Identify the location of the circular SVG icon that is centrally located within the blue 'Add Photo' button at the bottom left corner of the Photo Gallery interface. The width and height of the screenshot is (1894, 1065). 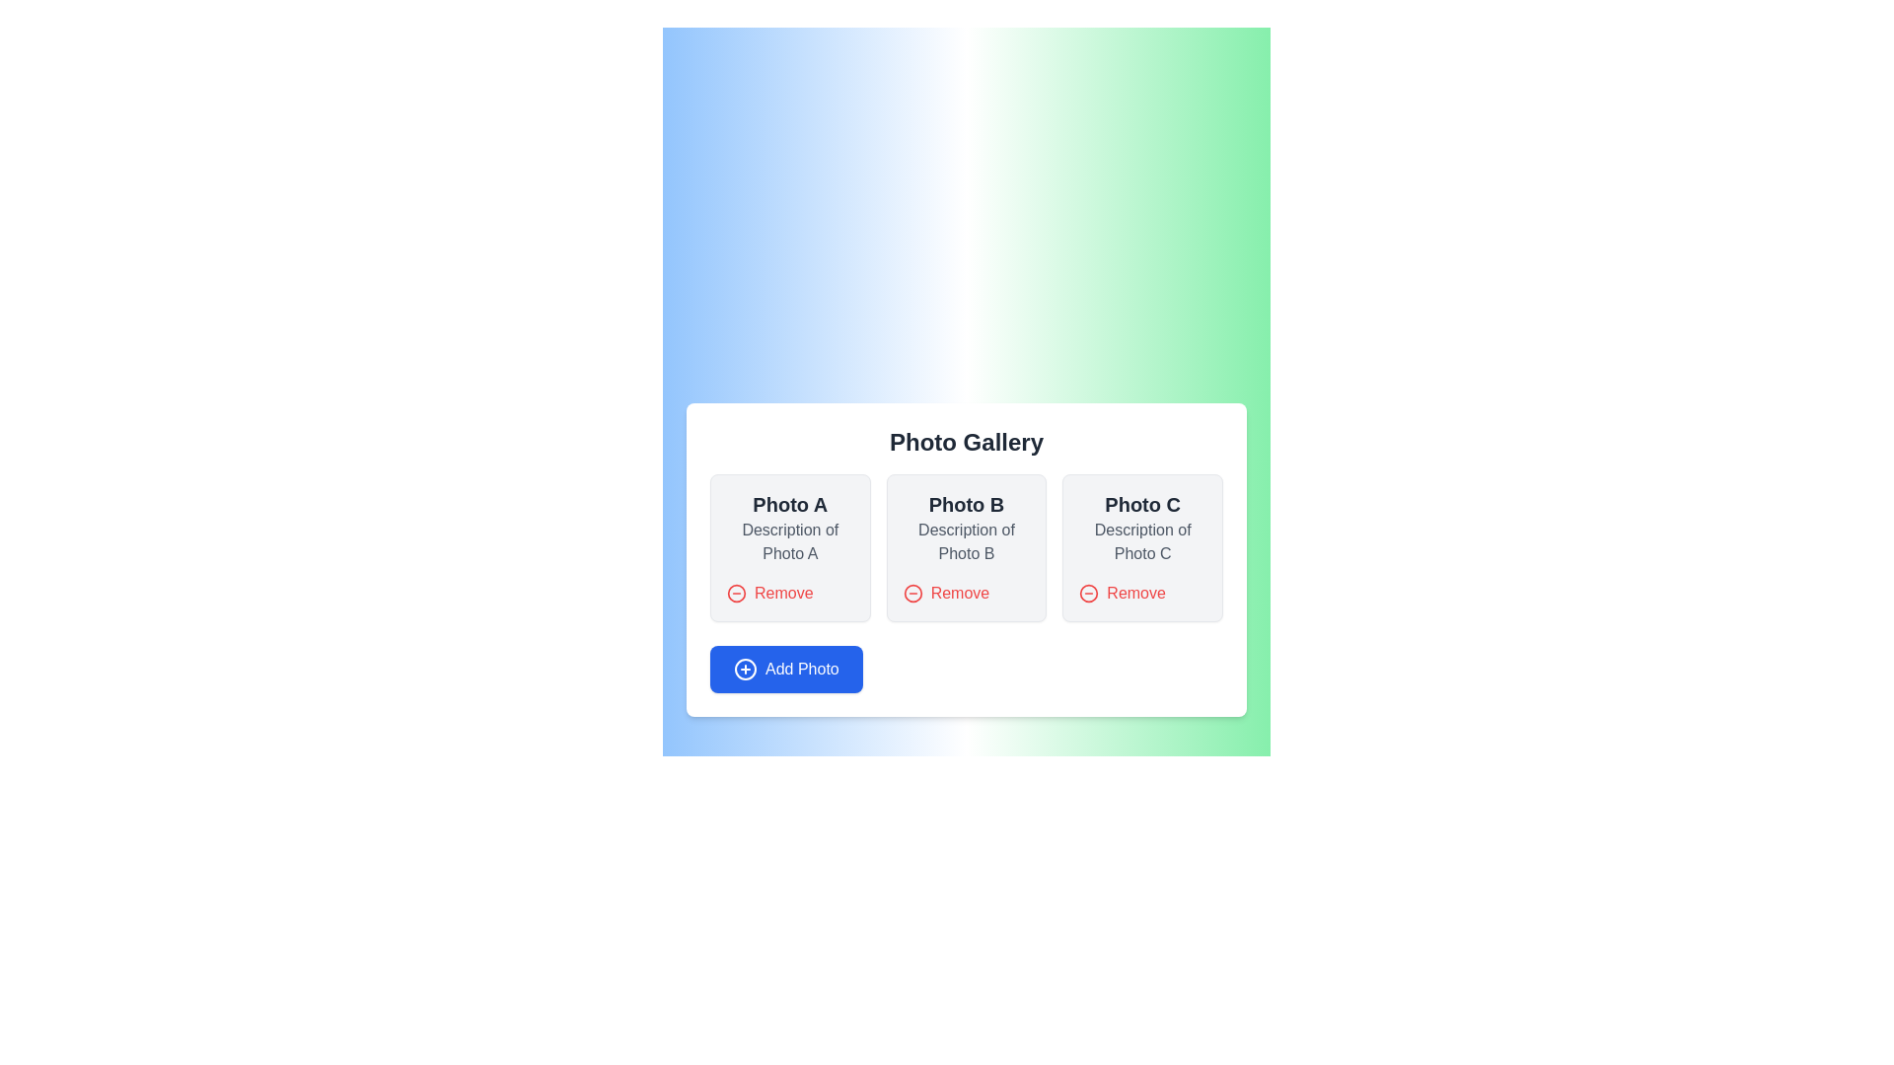
(744, 668).